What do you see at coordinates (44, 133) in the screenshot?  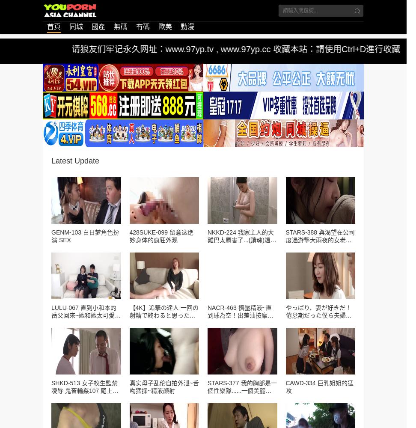 I see `'作者:'` at bounding box center [44, 133].